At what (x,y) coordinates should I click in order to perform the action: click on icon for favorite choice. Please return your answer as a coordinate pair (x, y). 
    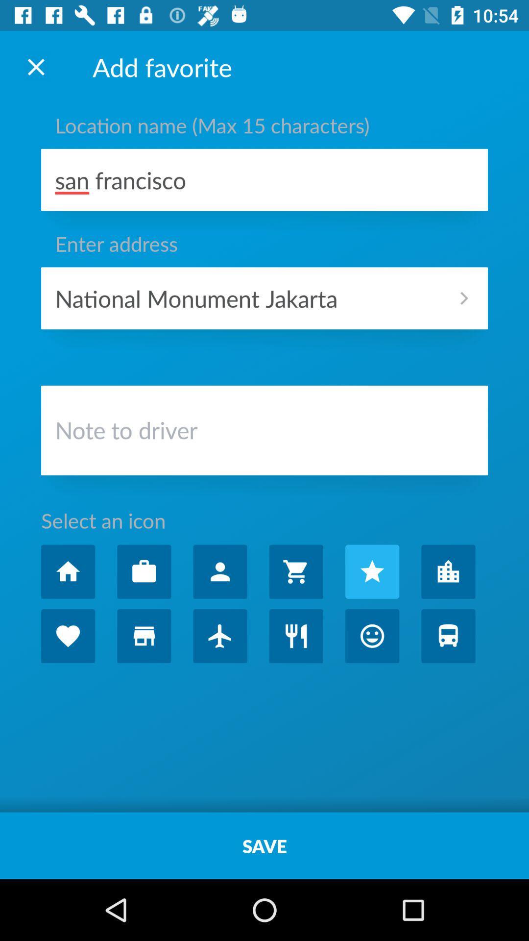
    Looking at the image, I should click on (372, 571).